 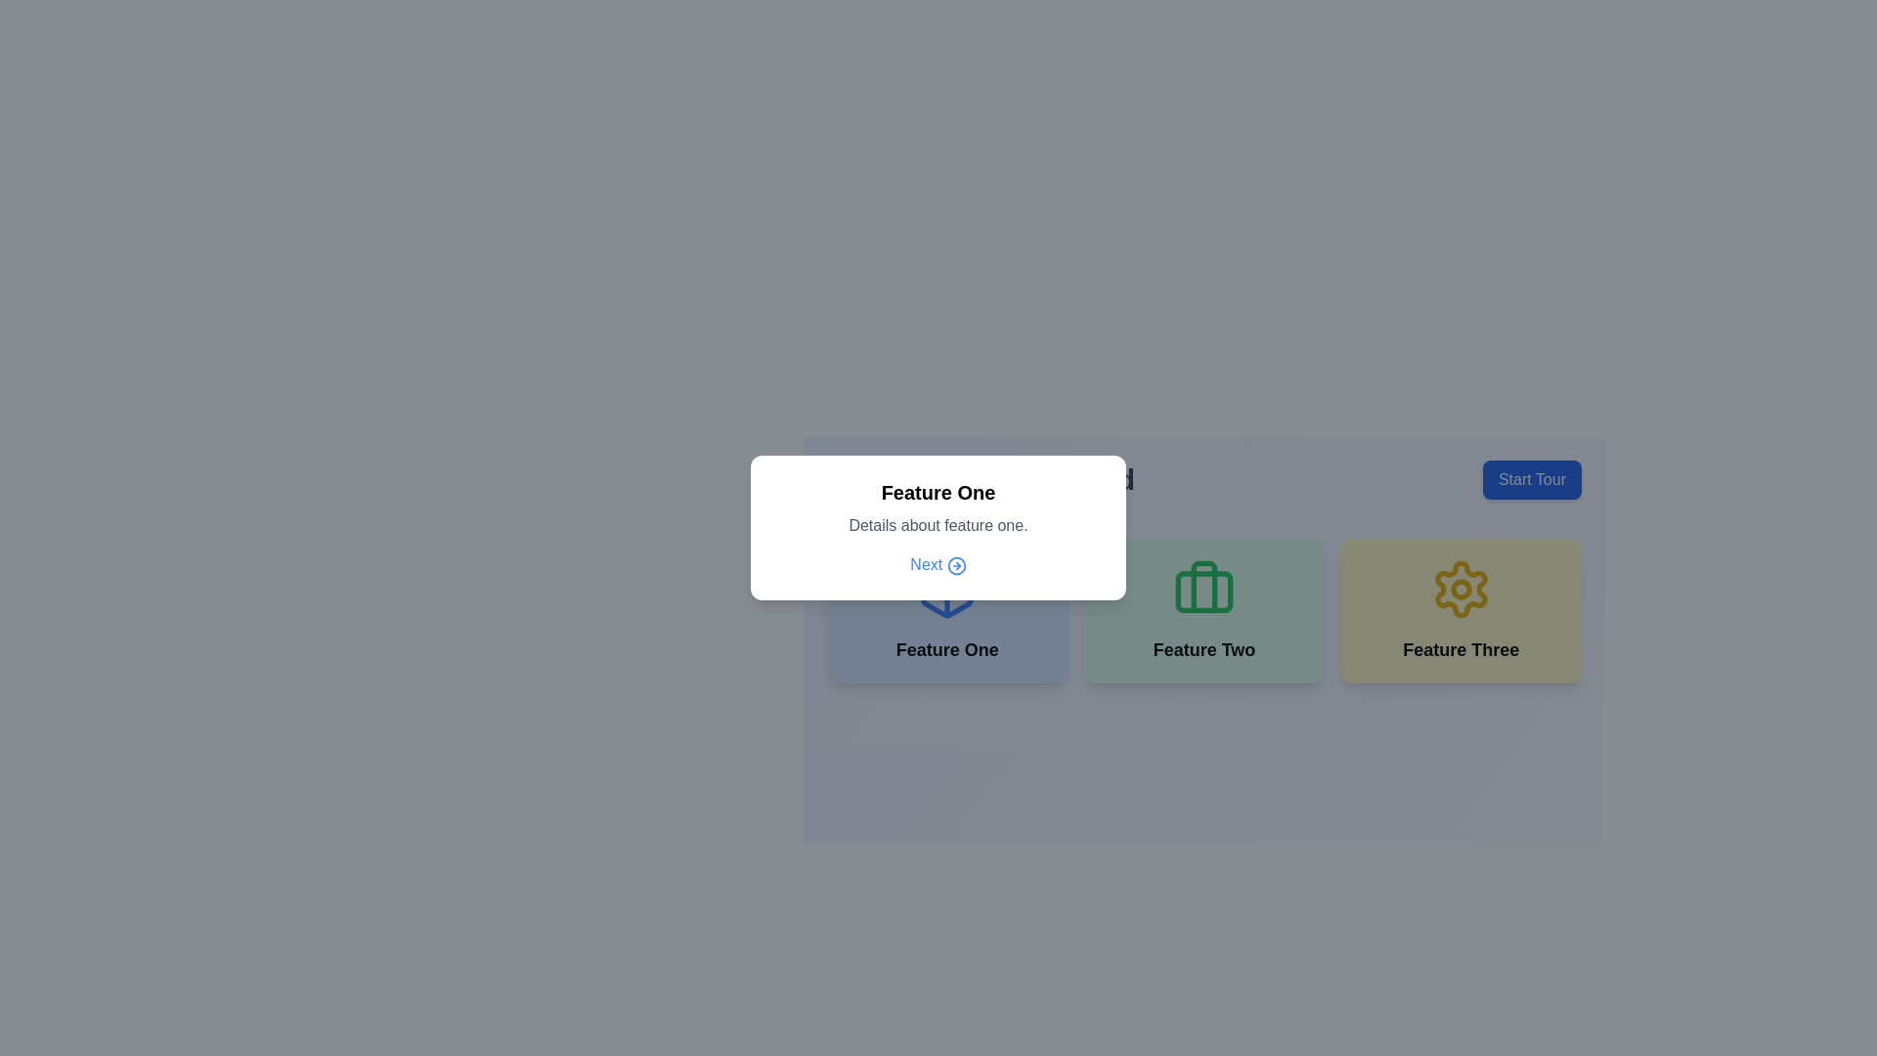 What do you see at coordinates (1461, 649) in the screenshot?
I see `the bold label text for 'Feature Three' located centrally below the settings gear icon` at bounding box center [1461, 649].